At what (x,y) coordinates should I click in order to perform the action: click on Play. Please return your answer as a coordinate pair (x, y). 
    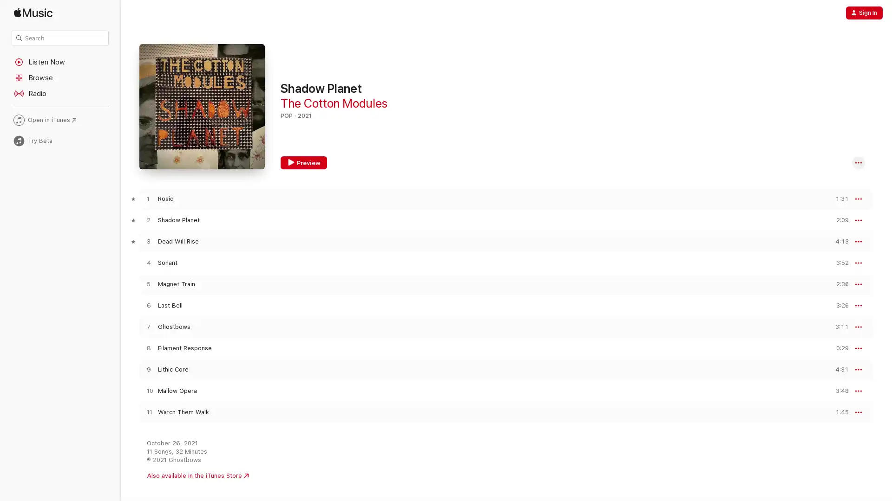
    Looking at the image, I should click on (148, 241).